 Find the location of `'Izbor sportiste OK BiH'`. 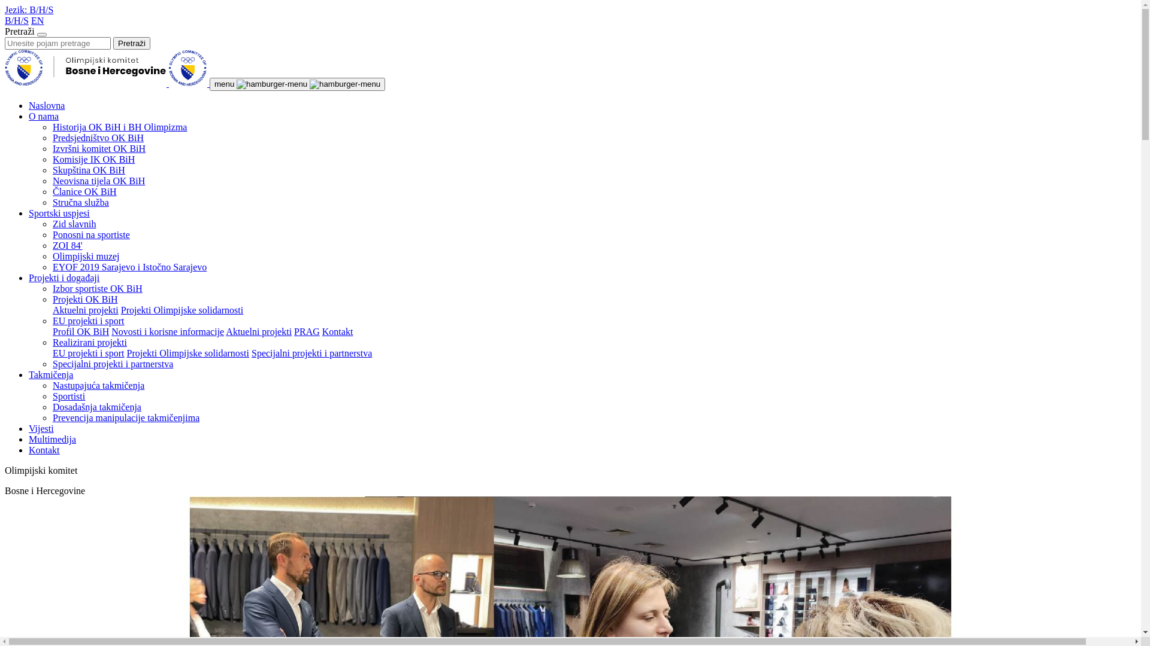

'Izbor sportiste OK BiH' is located at coordinates (98, 288).